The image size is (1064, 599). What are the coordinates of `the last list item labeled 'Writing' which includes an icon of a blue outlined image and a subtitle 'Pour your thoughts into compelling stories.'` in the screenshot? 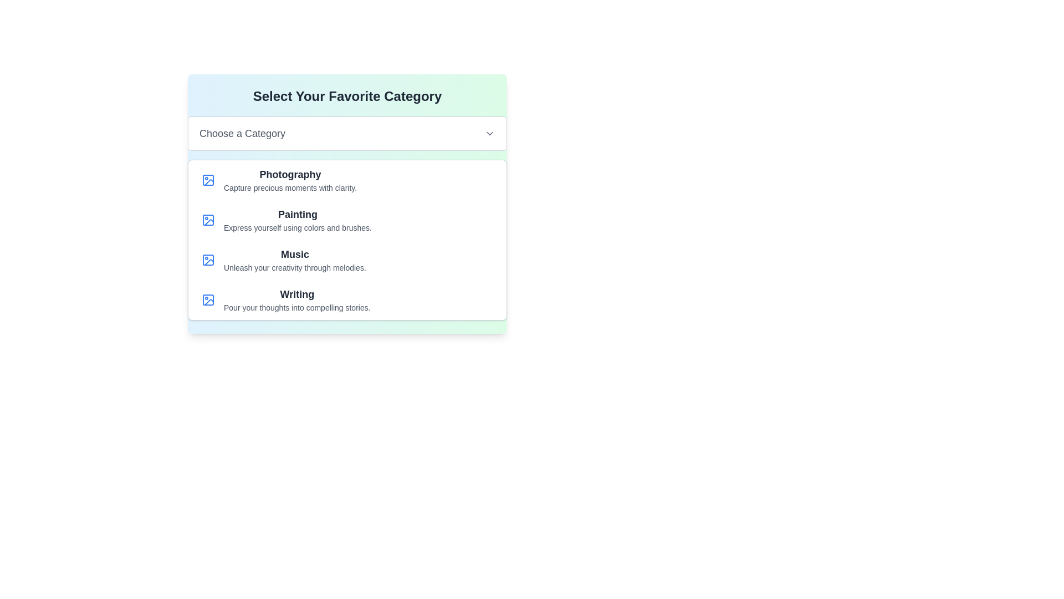 It's located at (347, 299).